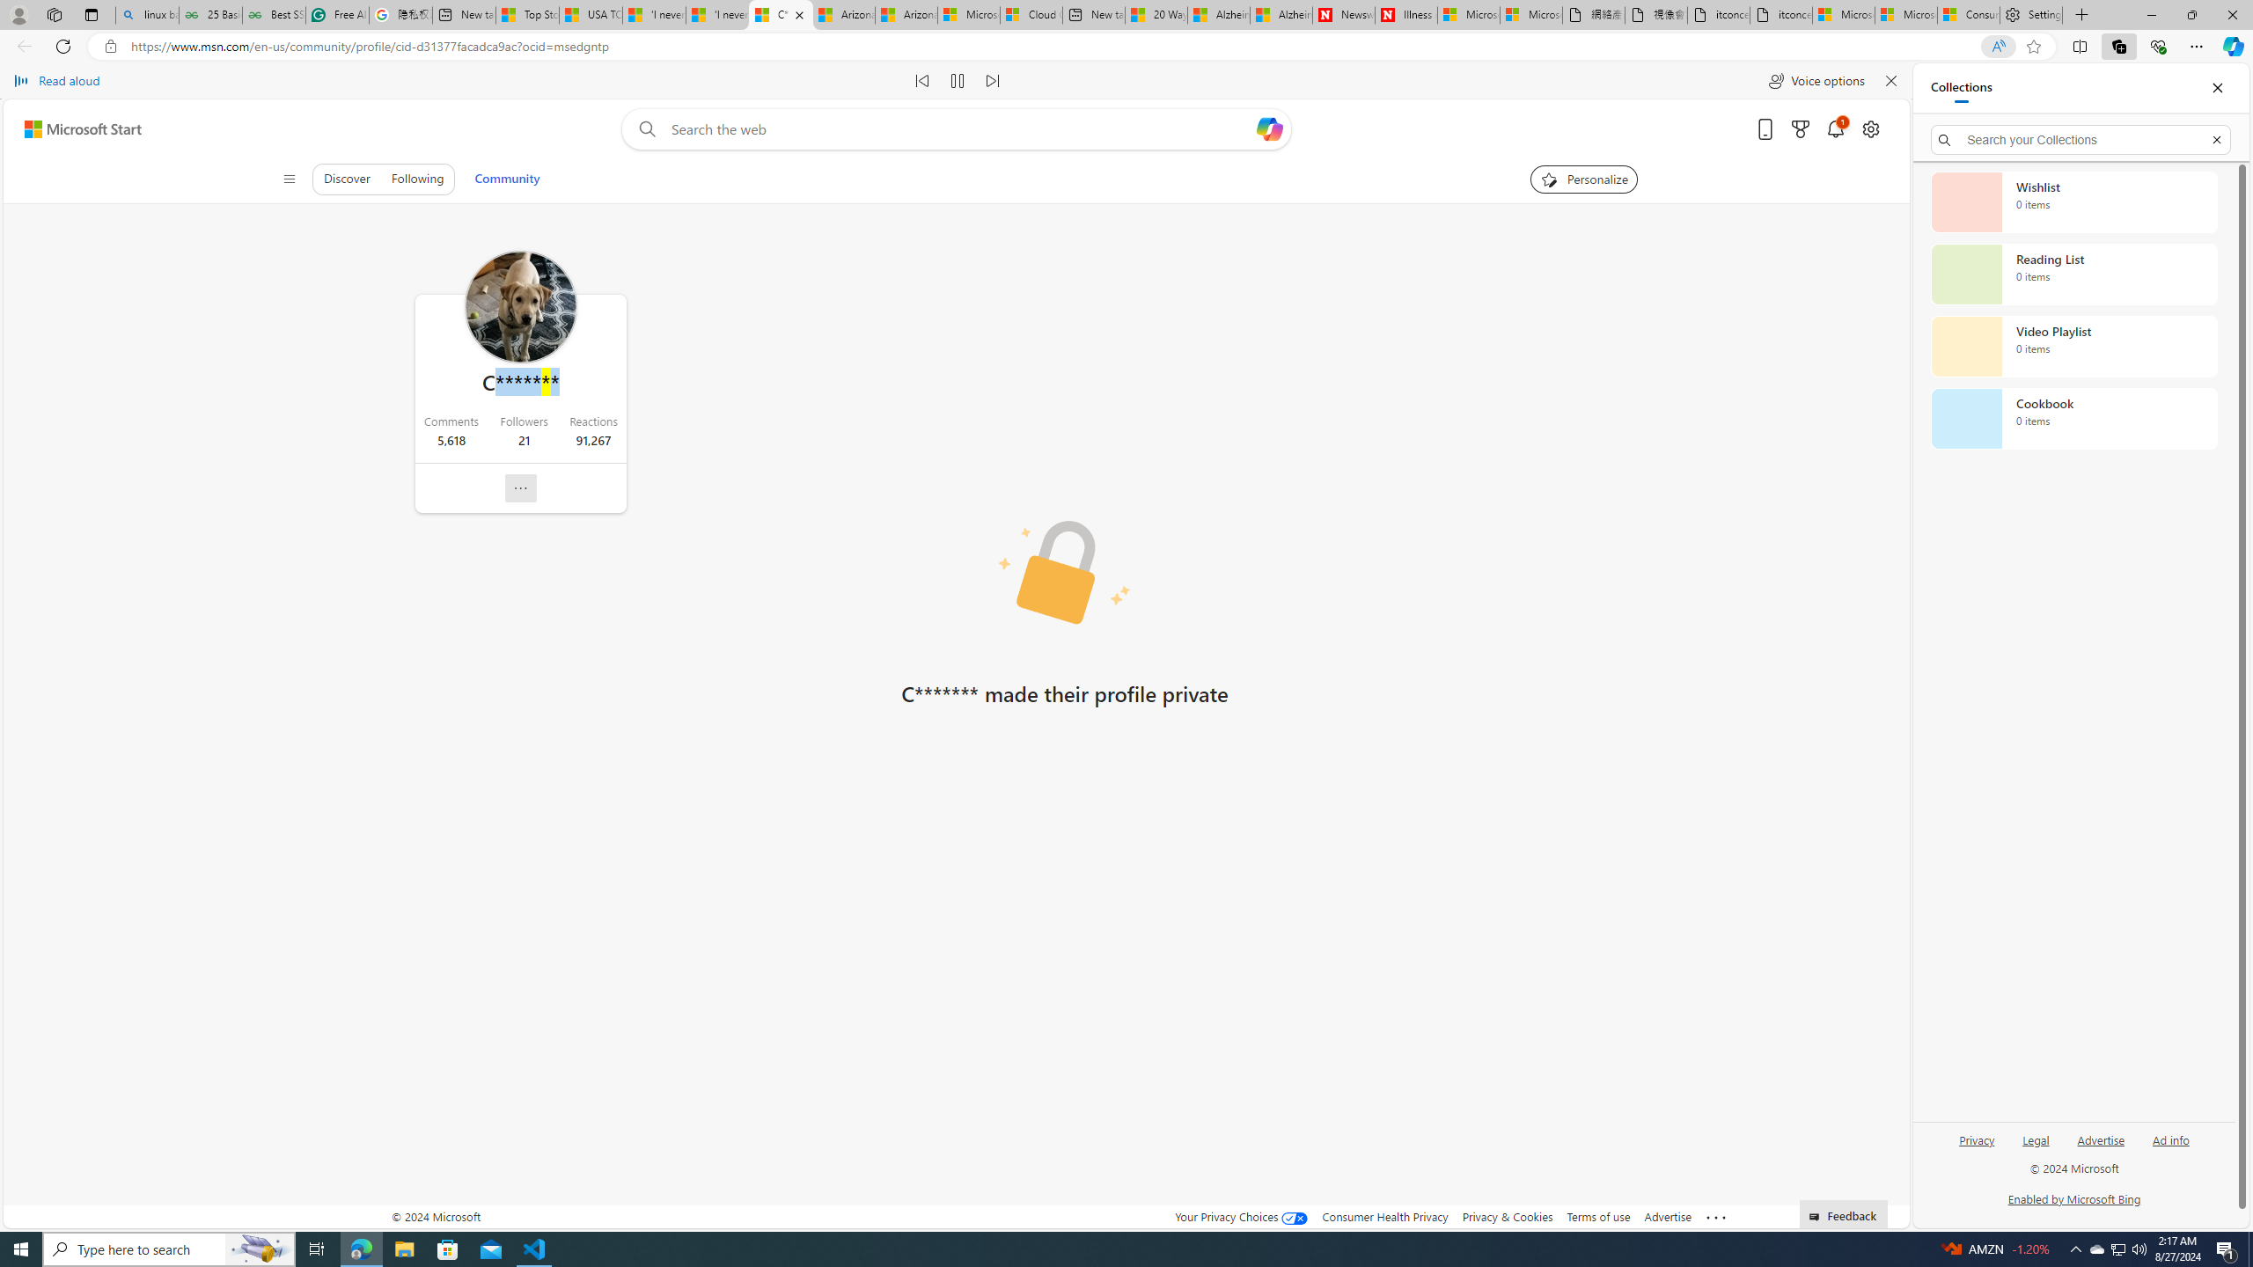  Describe the element at coordinates (1405, 14) in the screenshot. I see `'Illness news & latest pictures from Newsweek.com'` at that location.